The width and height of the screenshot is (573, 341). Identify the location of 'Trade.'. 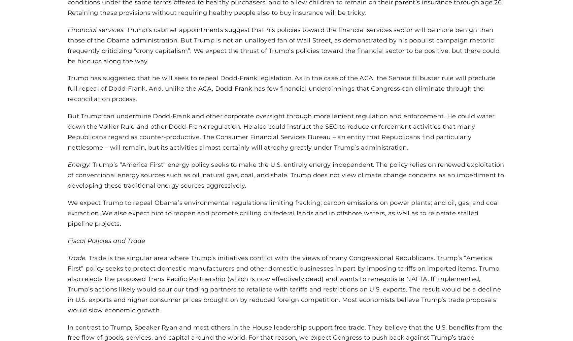
(77, 257).